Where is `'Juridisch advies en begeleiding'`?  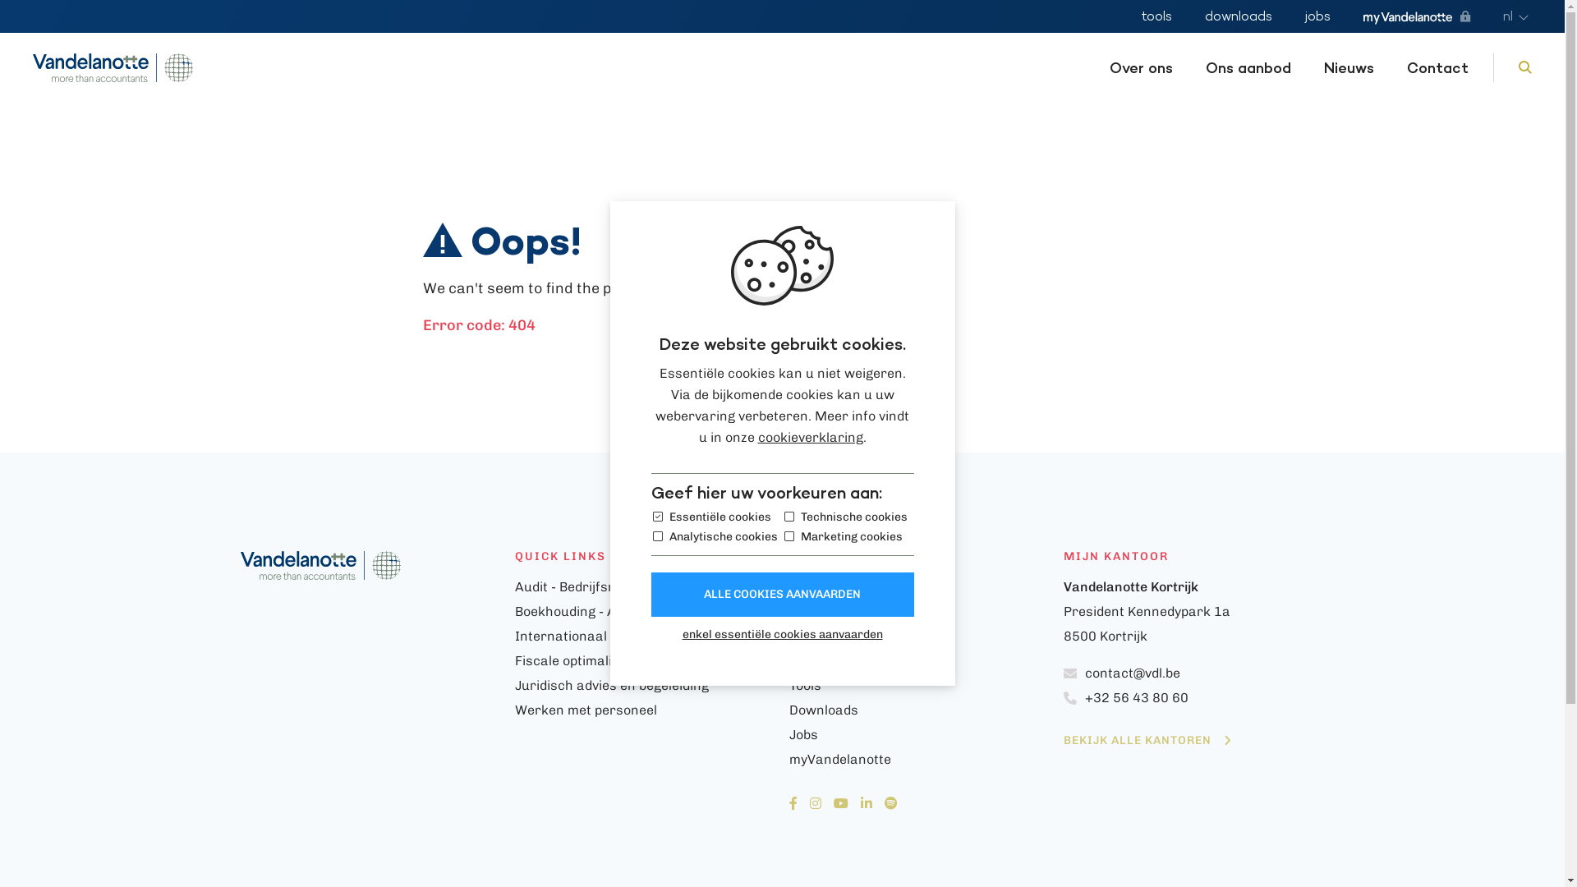 'Juridisch advies en begeleiding' is located at coordinates (610, 685).